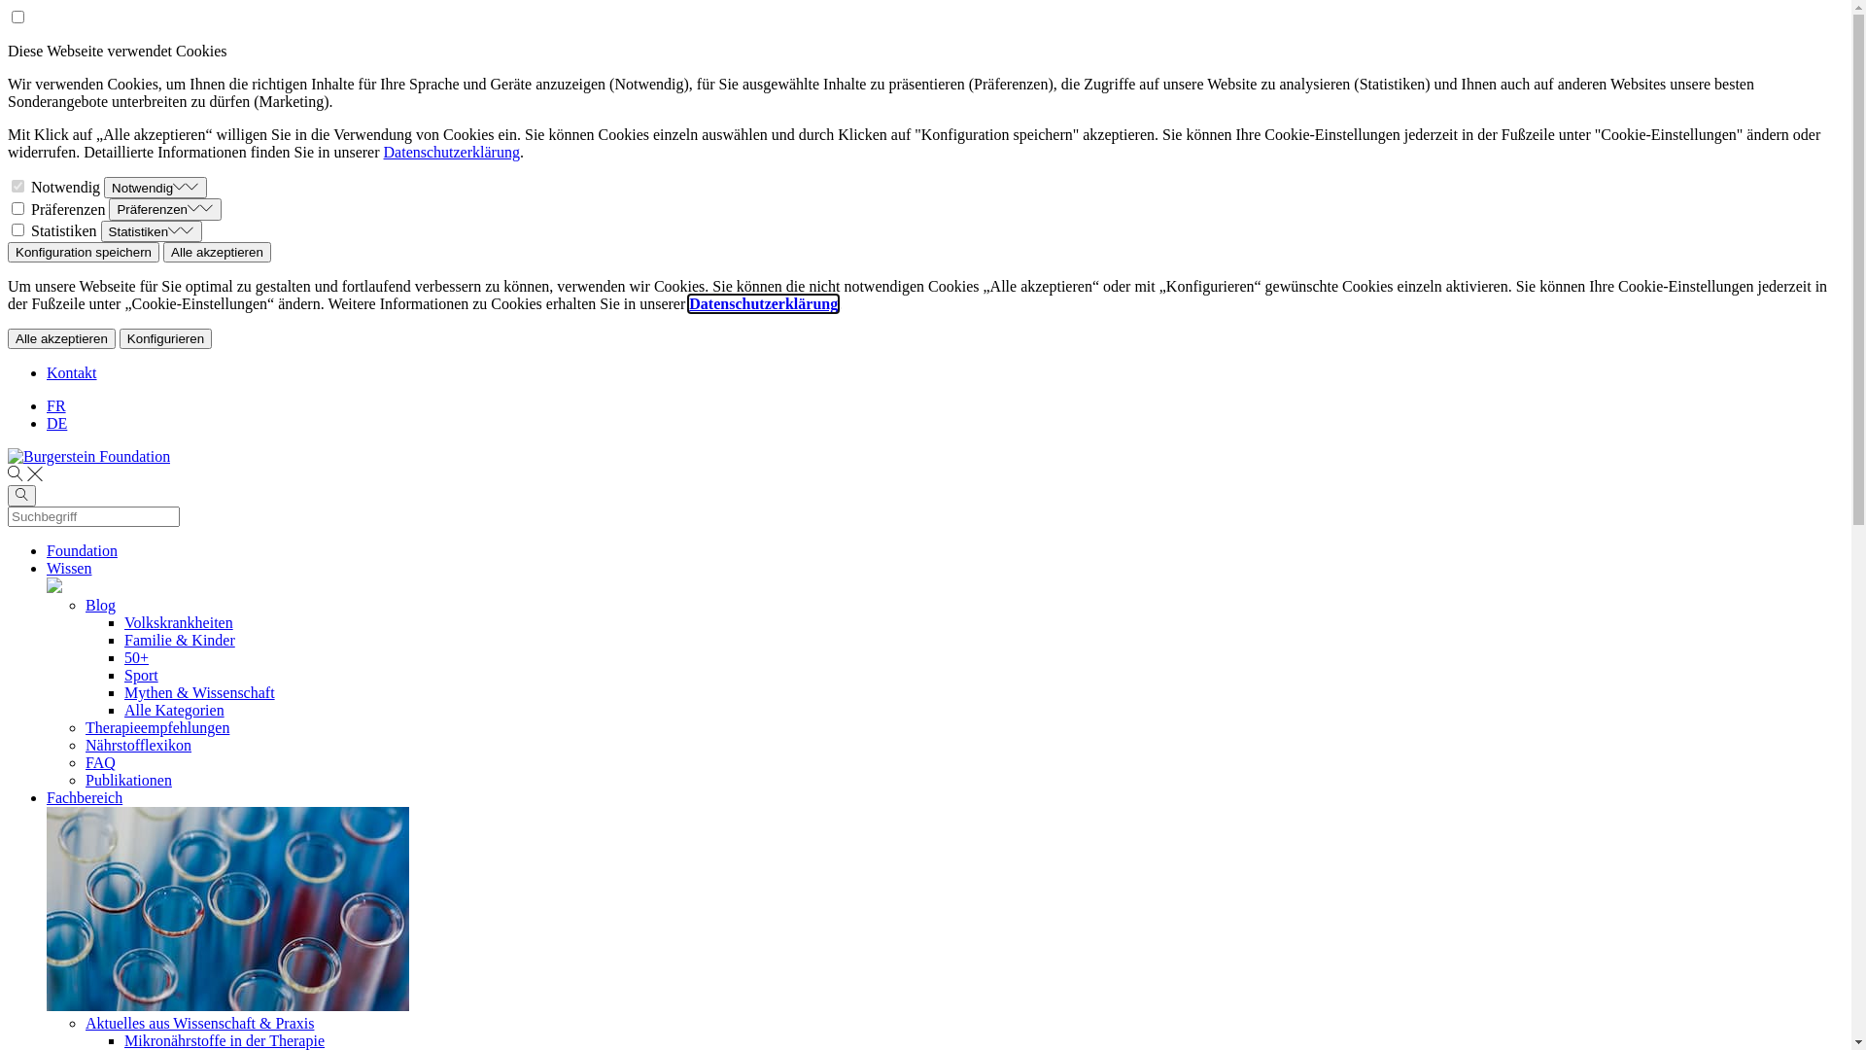  Describe the element at coordinates (47, 372) in the screenshot. I see `'Kontakt'` at that location.